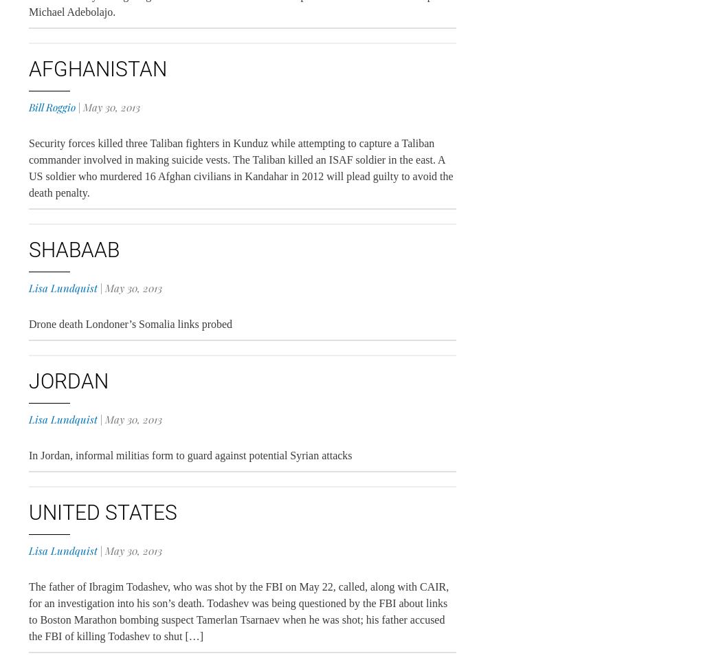 The height and width of the screenshot is (658, 714). Describe the element at coordinates (97, 69) in the screenshot. I see `'Afghanistan'` at that location.